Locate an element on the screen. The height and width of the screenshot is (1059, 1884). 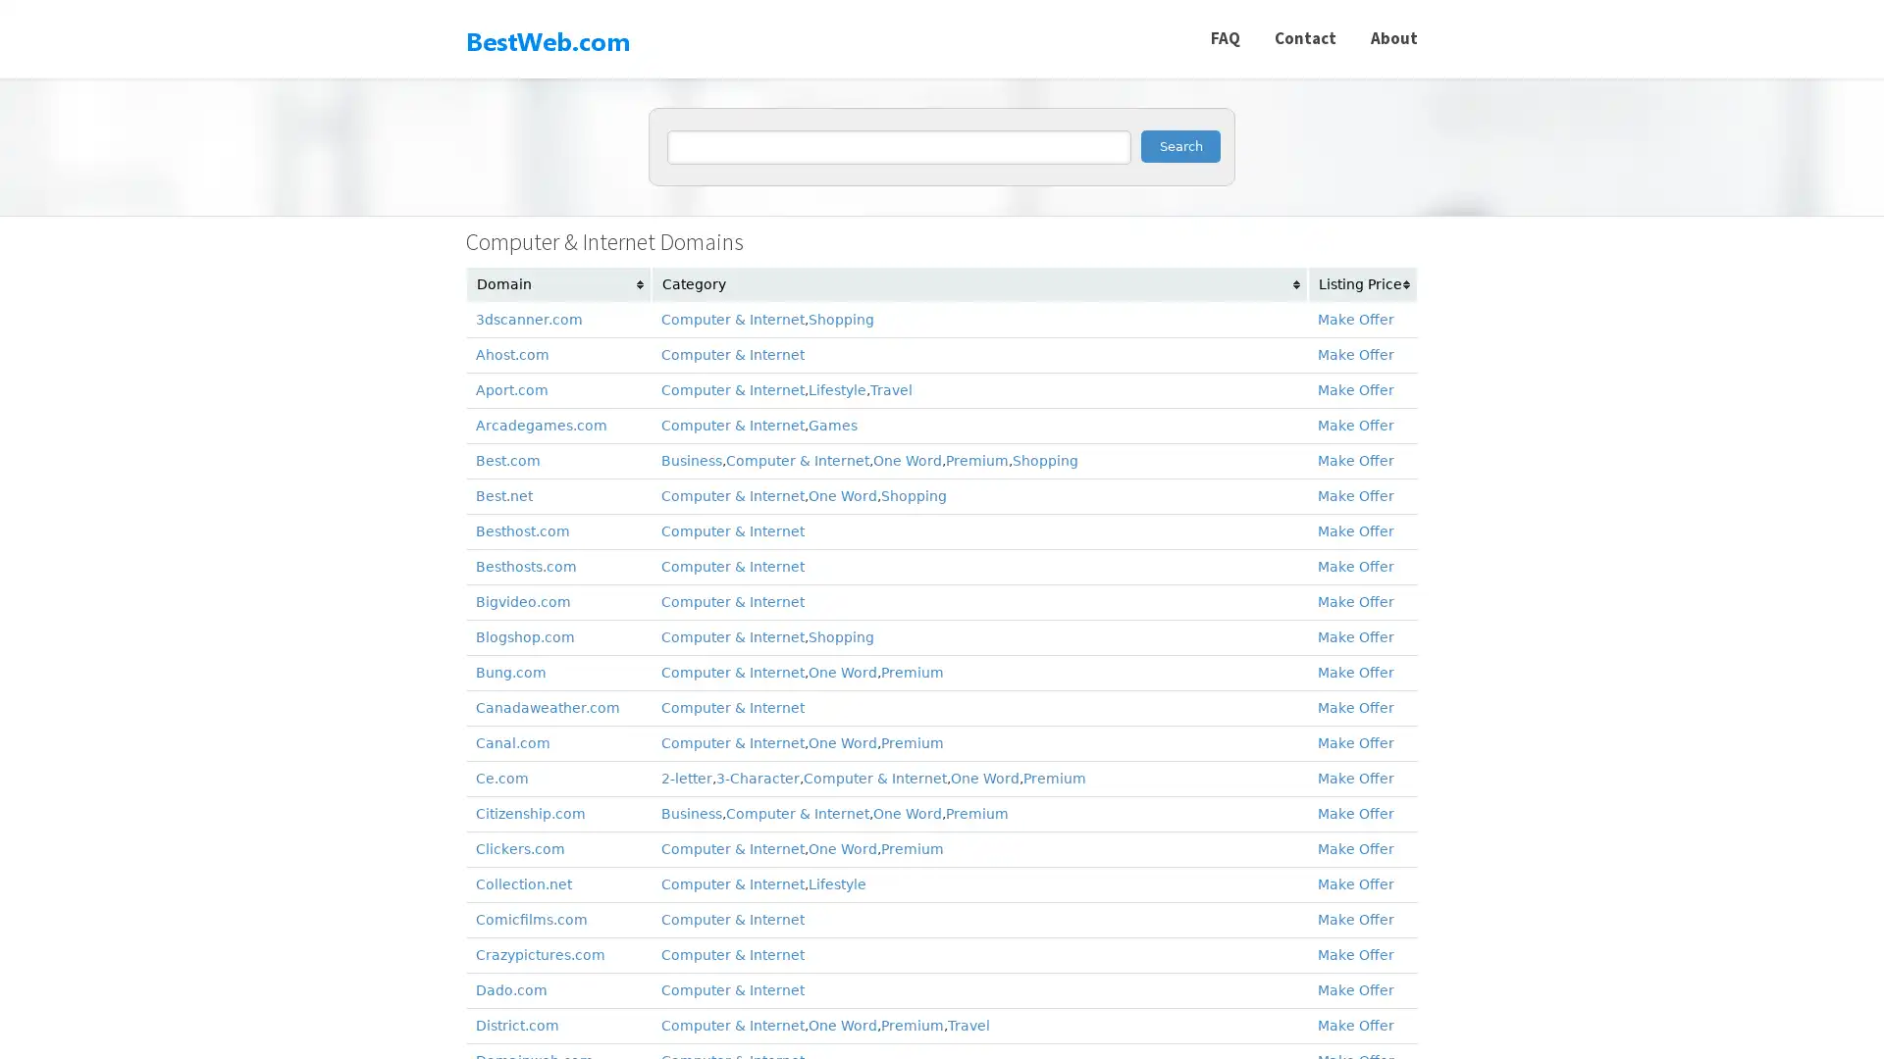
Search is located at coordinates (1179, 145).